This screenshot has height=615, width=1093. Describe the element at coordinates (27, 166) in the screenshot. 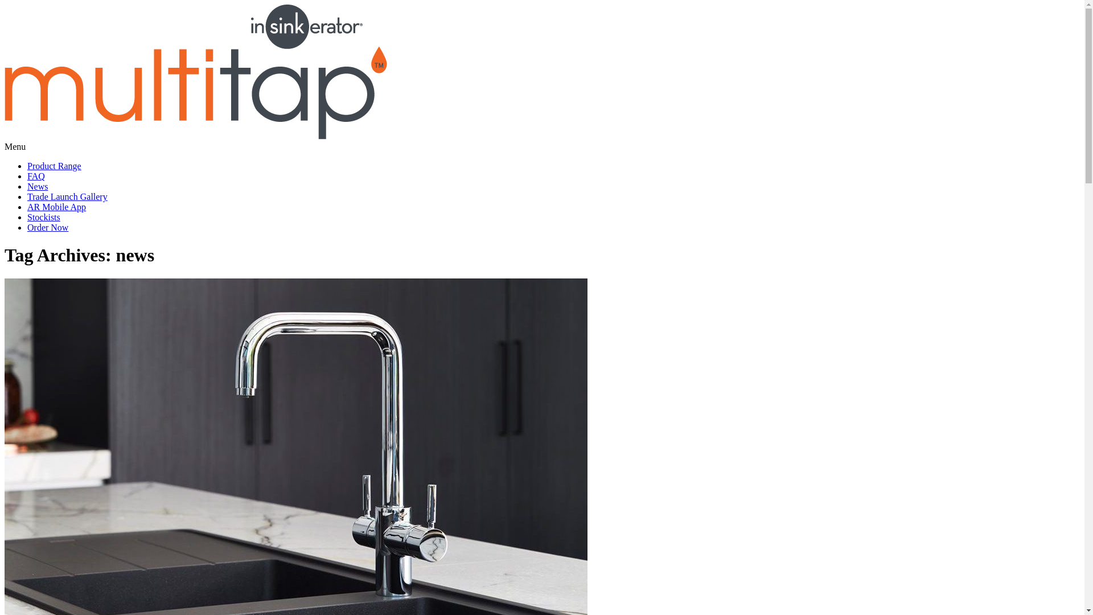

I see `'Product Range'` at that location.